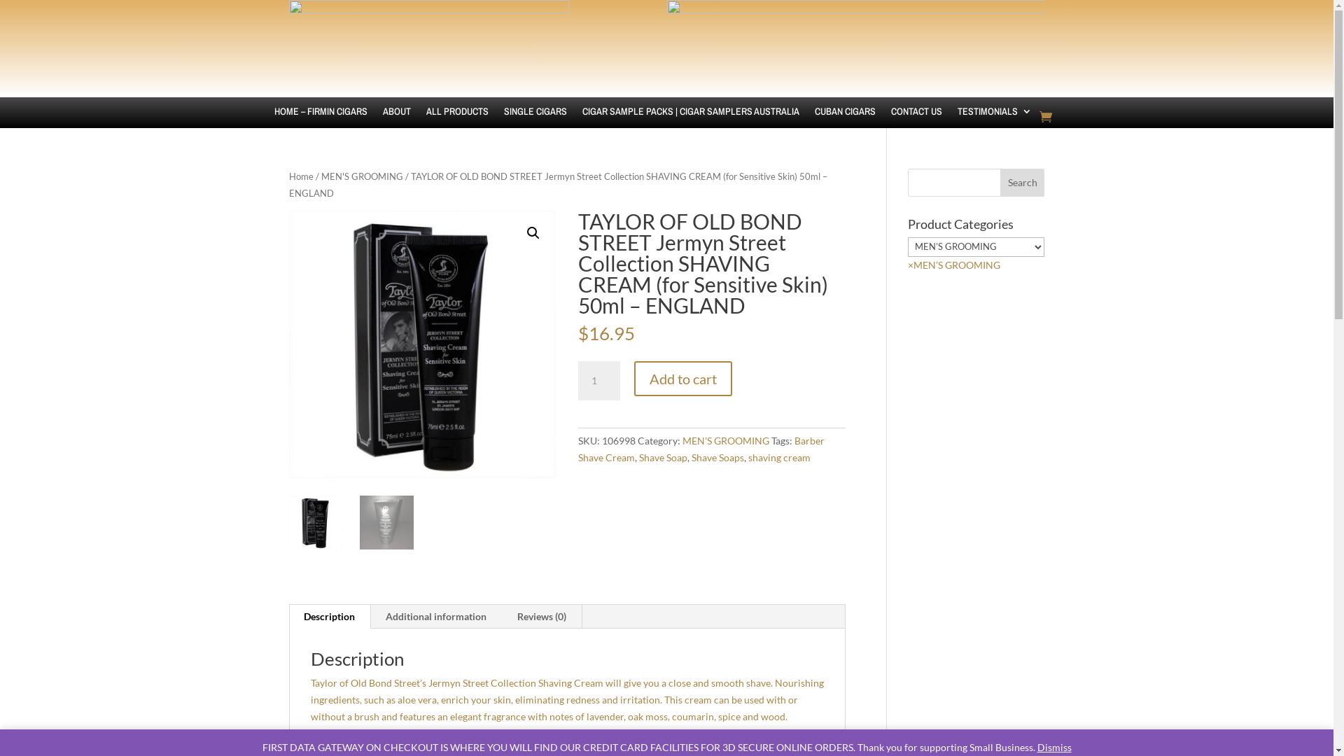 The height and width of the screenshot is (756, 1344). What do you see at coordinates (1037, 746) in the screenshot?
I see `'Dismiss'` at bounding box center [1037, 746].